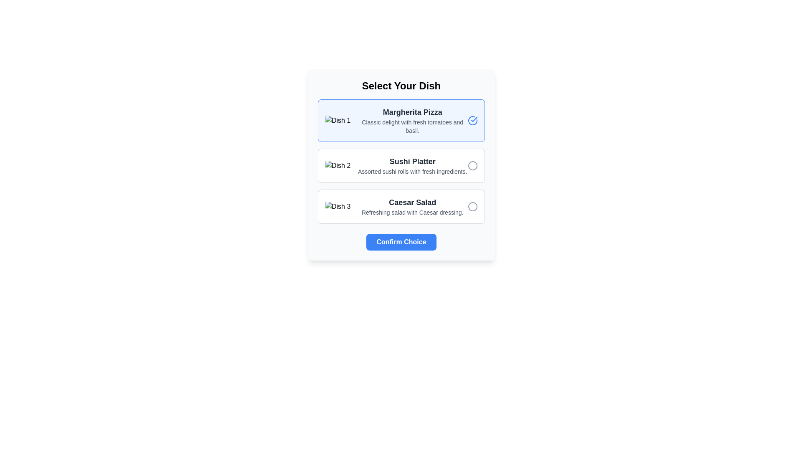  What do you see at coordinates (474, 119) in the screenshot?
I see `the checkmark SVG element that indicates the selection of 'Margherita Pizza', located at the top-right corner of its selection card` at bounding box center [474, 119].